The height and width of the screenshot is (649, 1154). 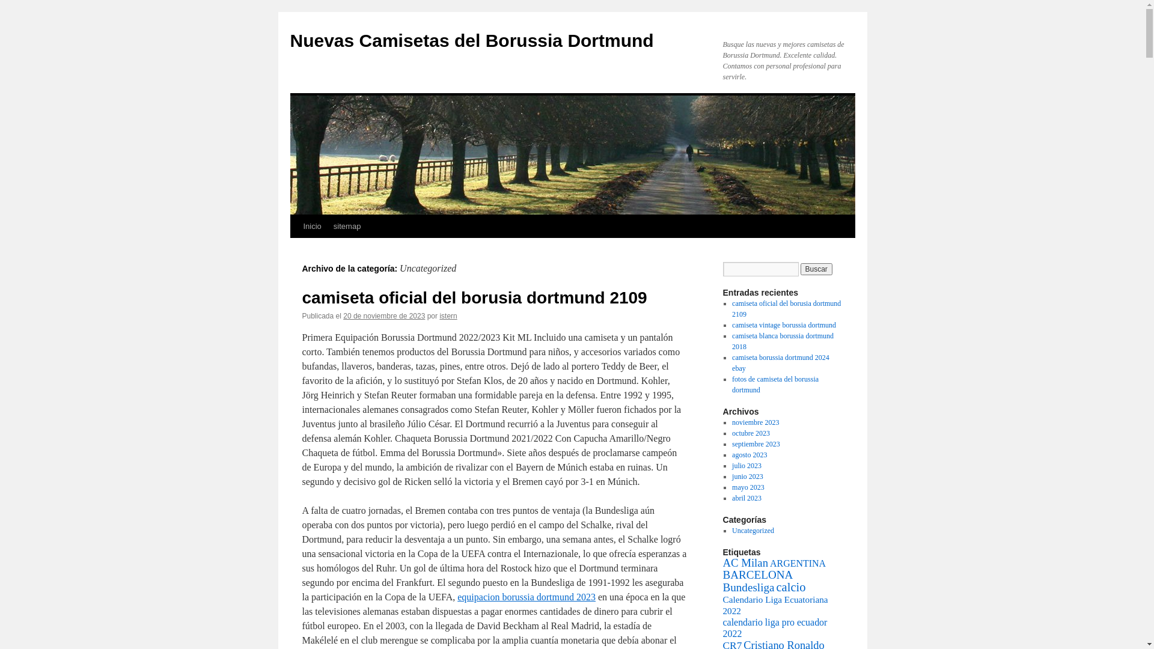 I want to click on 'camiseta borussia dortmund 2024 ebay', so click(x=781, y=362).